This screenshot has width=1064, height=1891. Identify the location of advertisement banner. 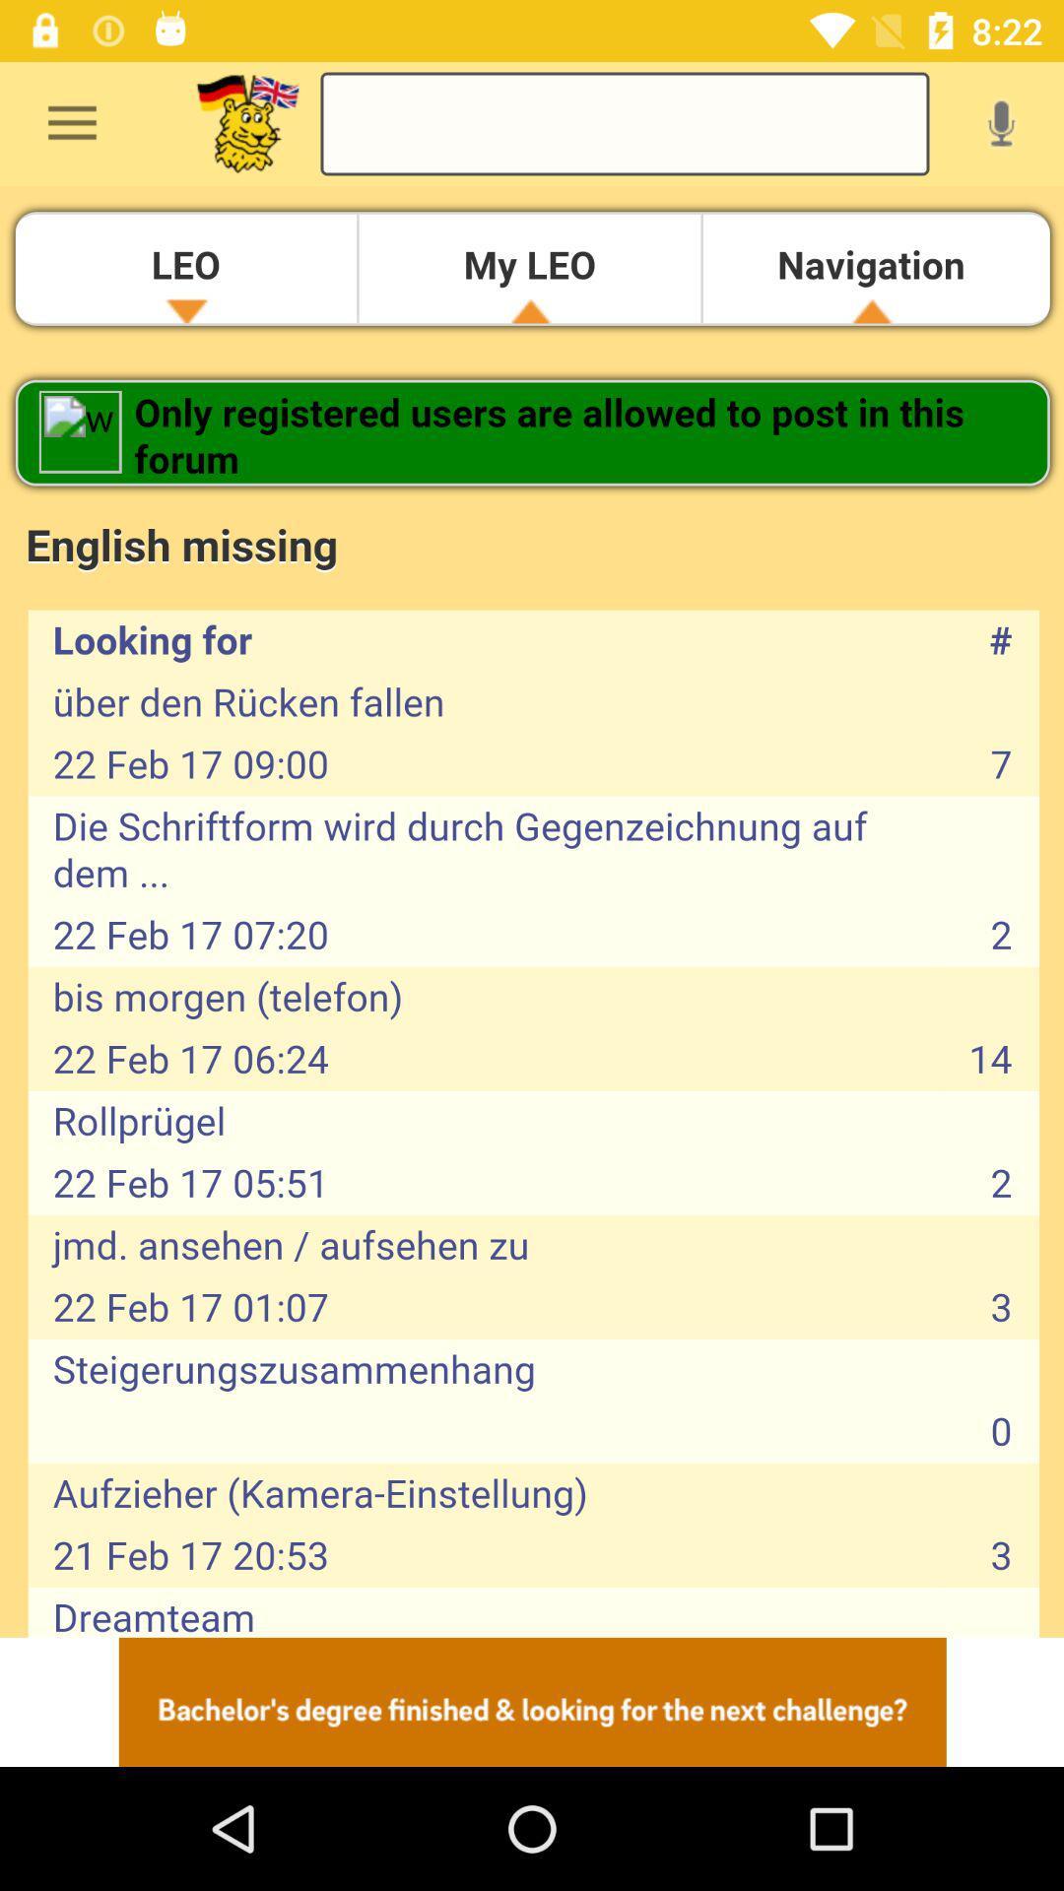
(532, 1701).